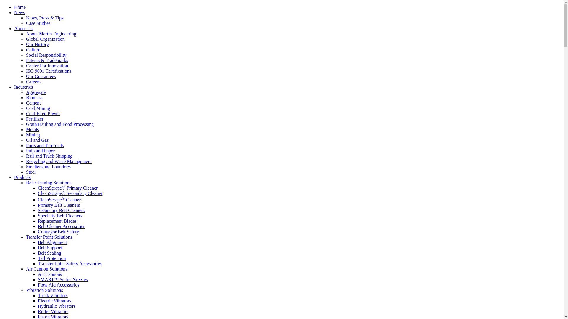 The height and width of the screenshot is (319, 568). Describe the element at coordinates (25, 119) in the screenshot. I see `'Fertilizer'` at that location.